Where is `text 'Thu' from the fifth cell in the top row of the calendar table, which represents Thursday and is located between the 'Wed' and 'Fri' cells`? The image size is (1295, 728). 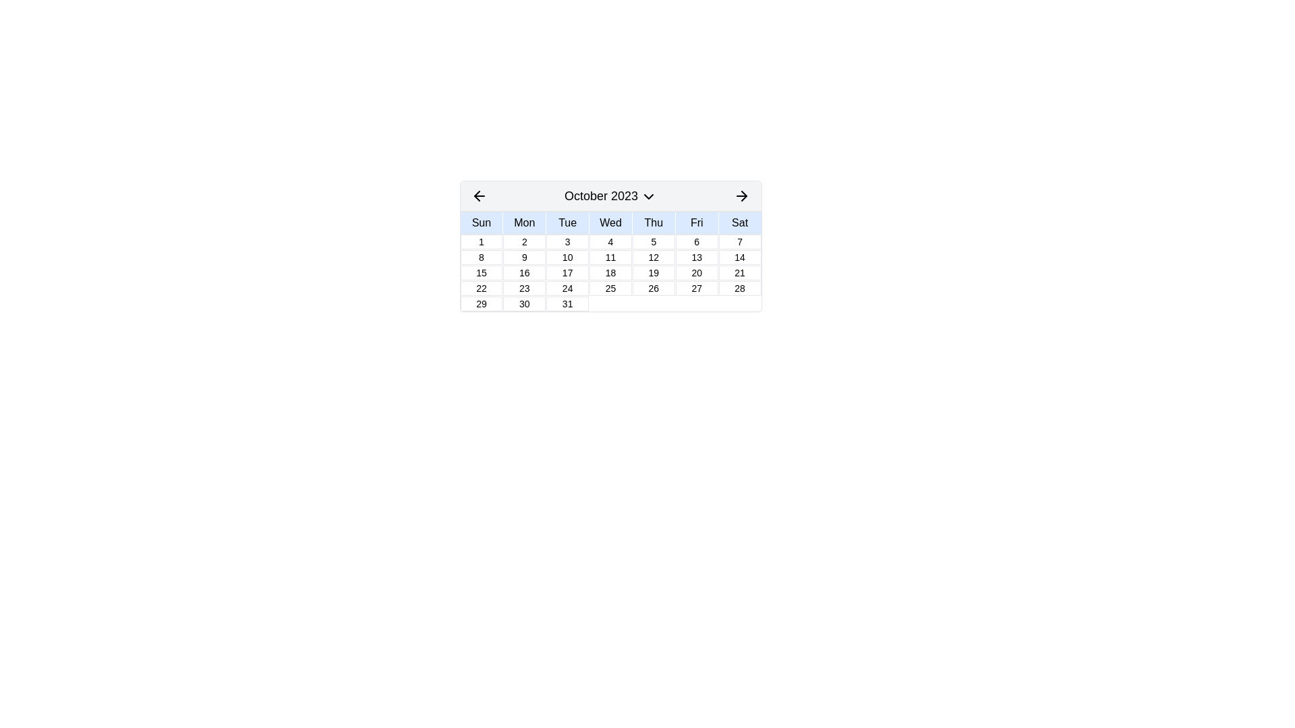 text 'Thu' from the fifth cell in the top row of the calendar table, which represents Thursday and is located between the 'Wed' and 'Fri' cells is located at coordinates (654, 222).